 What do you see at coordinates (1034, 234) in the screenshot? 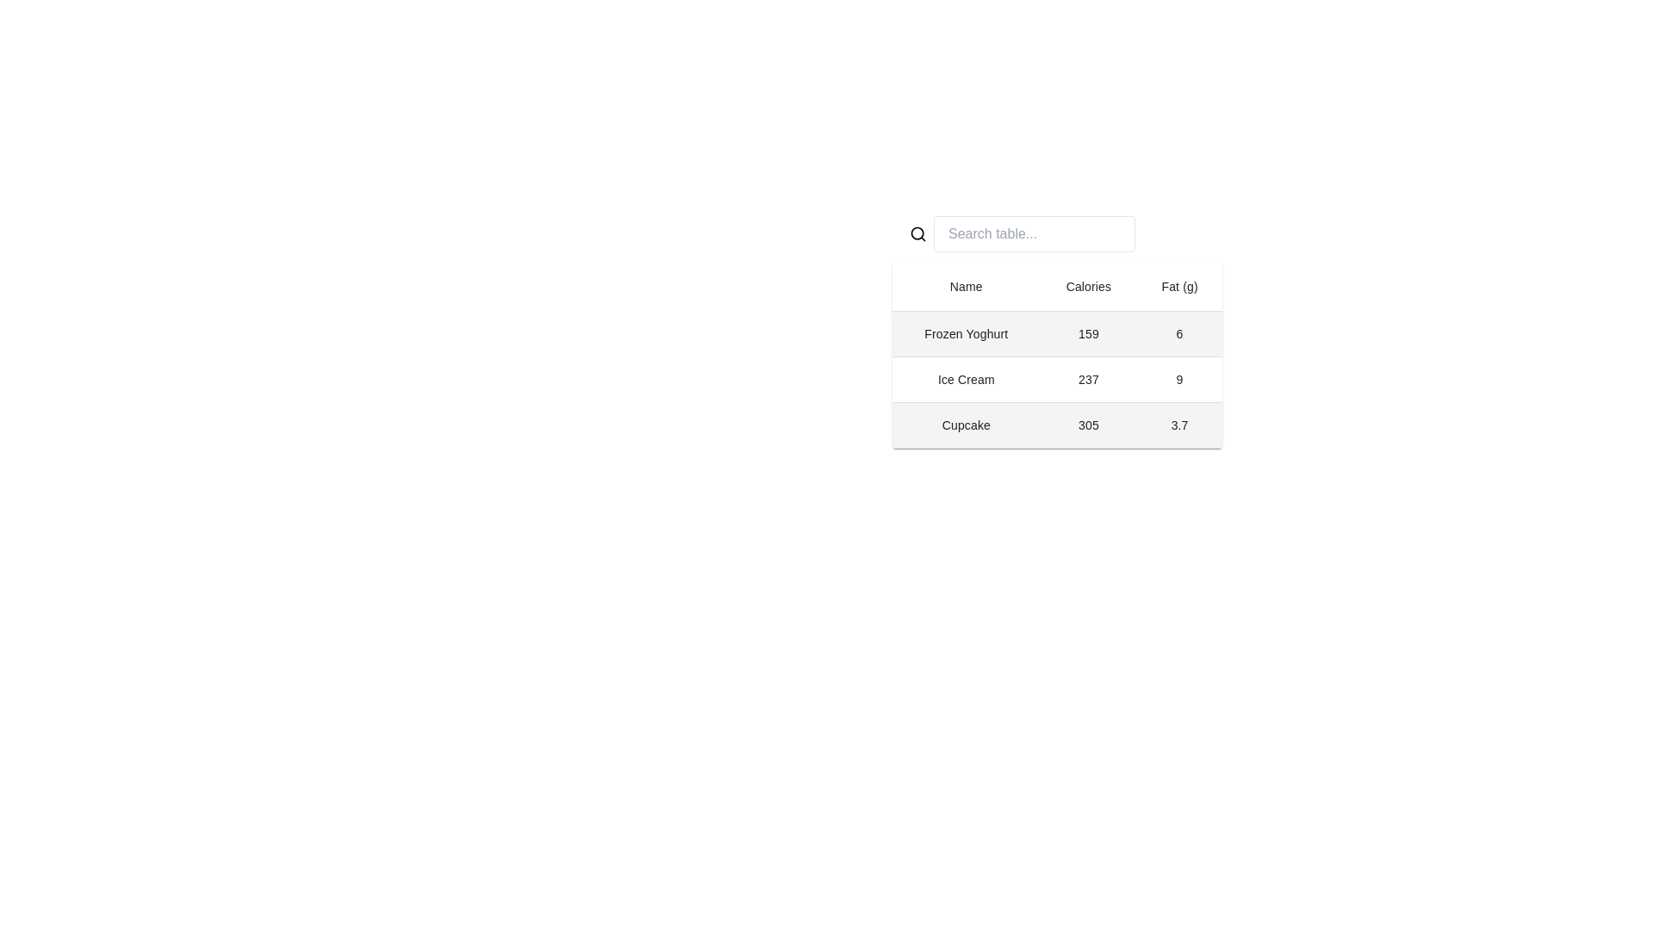
I see `the search input field located at the top of the table to focus on it` at bounding box center [1034, 234].